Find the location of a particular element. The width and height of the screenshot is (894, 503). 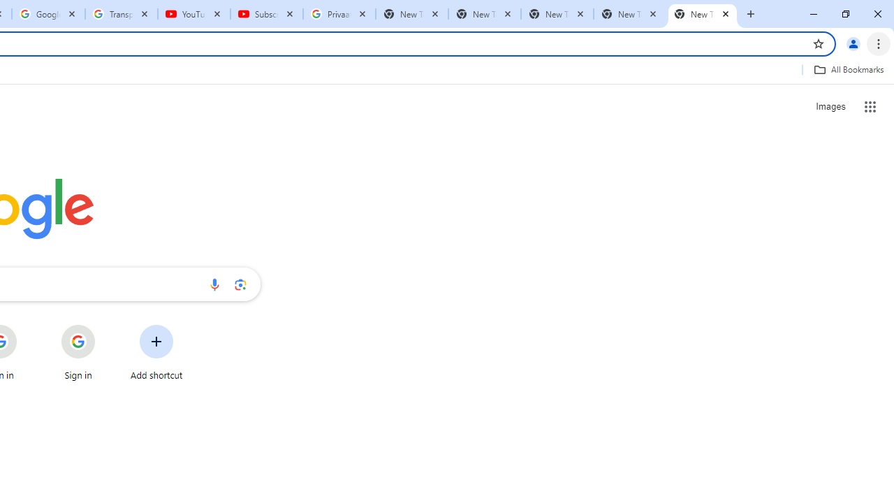

'New Tab' is located at coordinates (703, 14).